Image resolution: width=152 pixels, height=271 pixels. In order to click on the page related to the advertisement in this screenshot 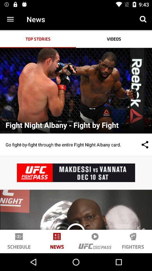, I will do `click(76, 172)`.